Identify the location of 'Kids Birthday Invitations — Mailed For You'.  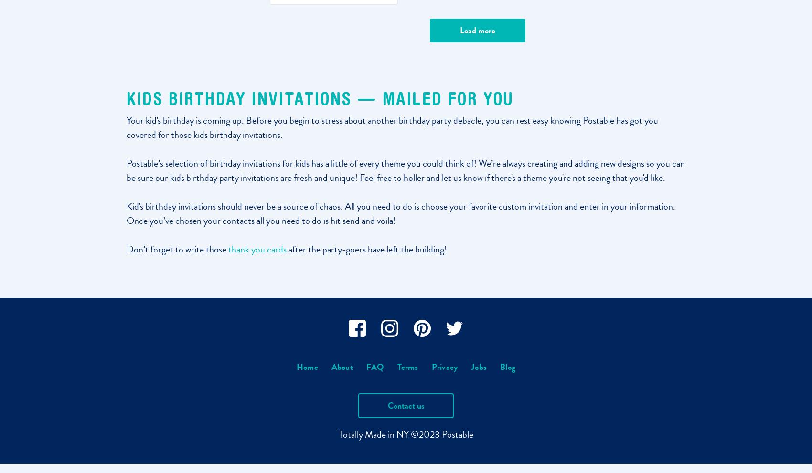
(320, 98).